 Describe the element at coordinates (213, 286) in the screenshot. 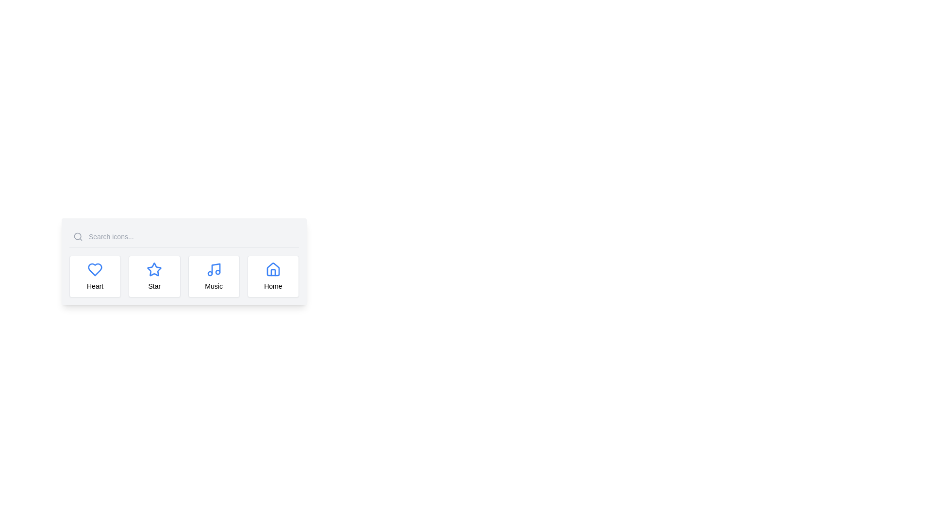

I see `the descriptive text label located at the bottom of the card containing the music icon` at that location.